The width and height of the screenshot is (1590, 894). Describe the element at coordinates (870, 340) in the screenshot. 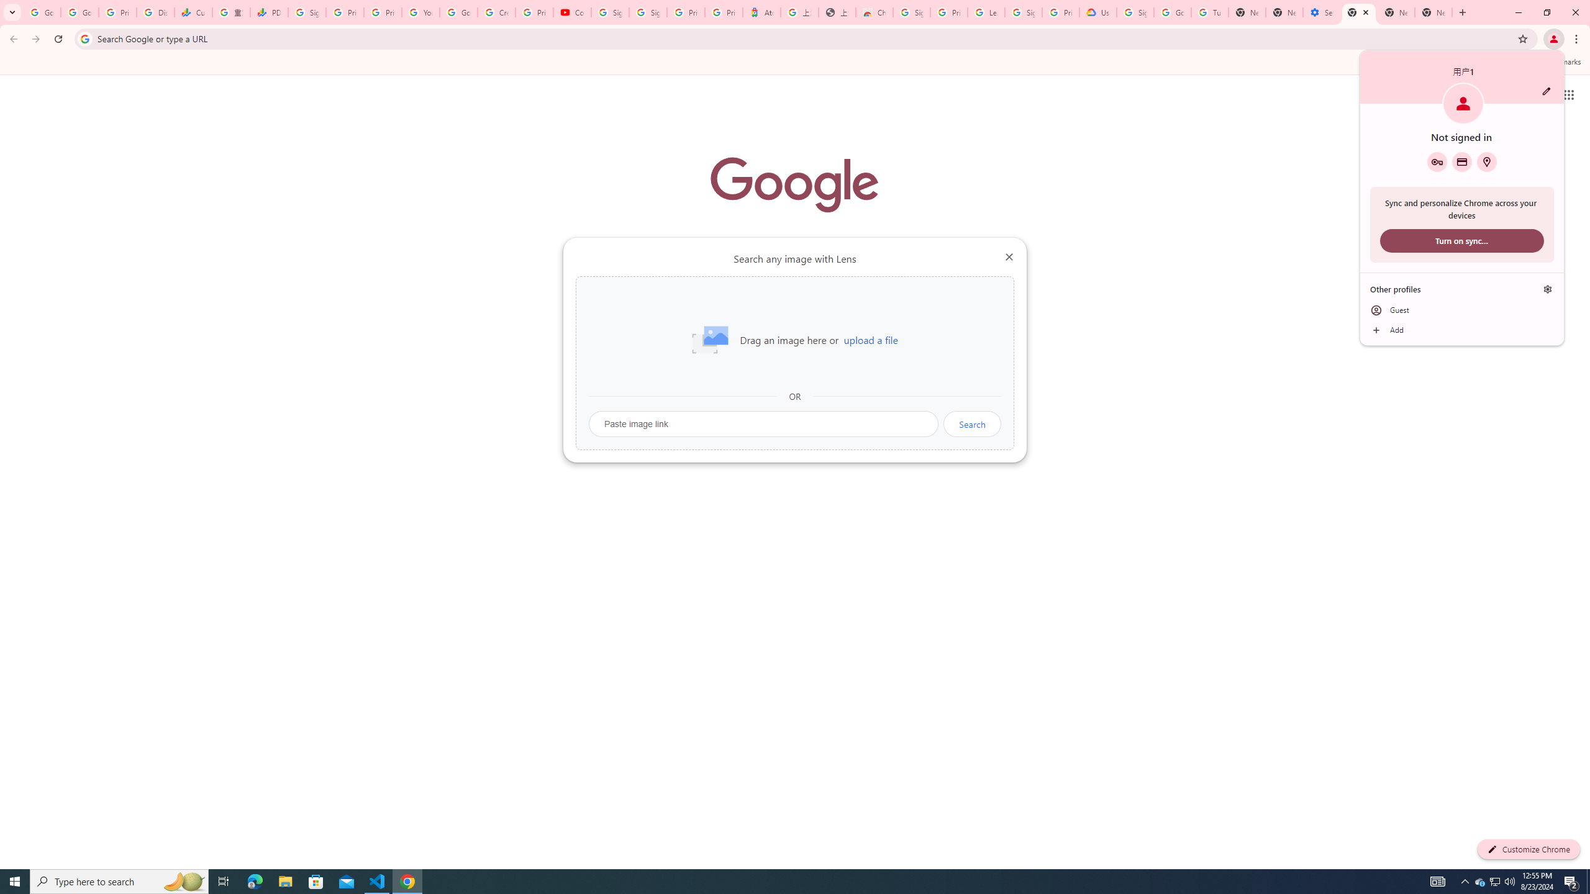

I see `'upload a file'` at that location.